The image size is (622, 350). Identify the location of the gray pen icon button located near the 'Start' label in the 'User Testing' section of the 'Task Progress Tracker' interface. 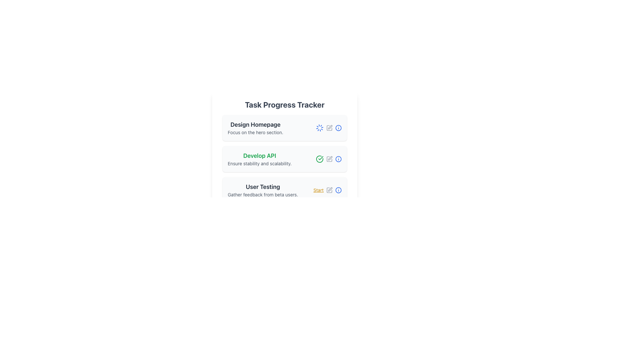
(329, 190).